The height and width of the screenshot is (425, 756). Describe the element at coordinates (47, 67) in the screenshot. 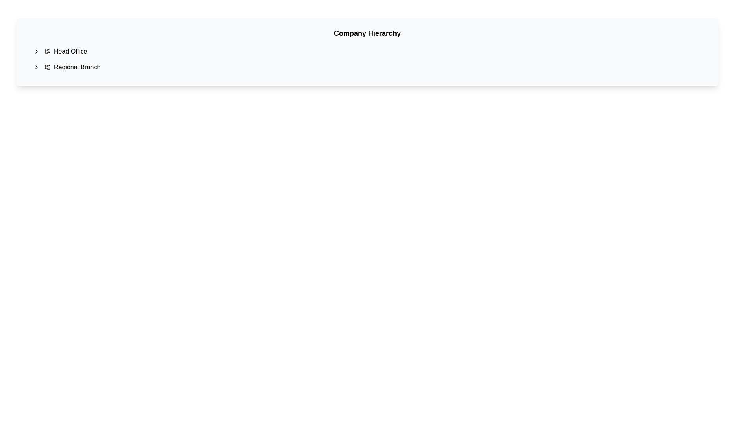

I see `the folder tree icon with a black outline located to the left of the 'Regional Branch' text to interact with the hierarchy` at that location.